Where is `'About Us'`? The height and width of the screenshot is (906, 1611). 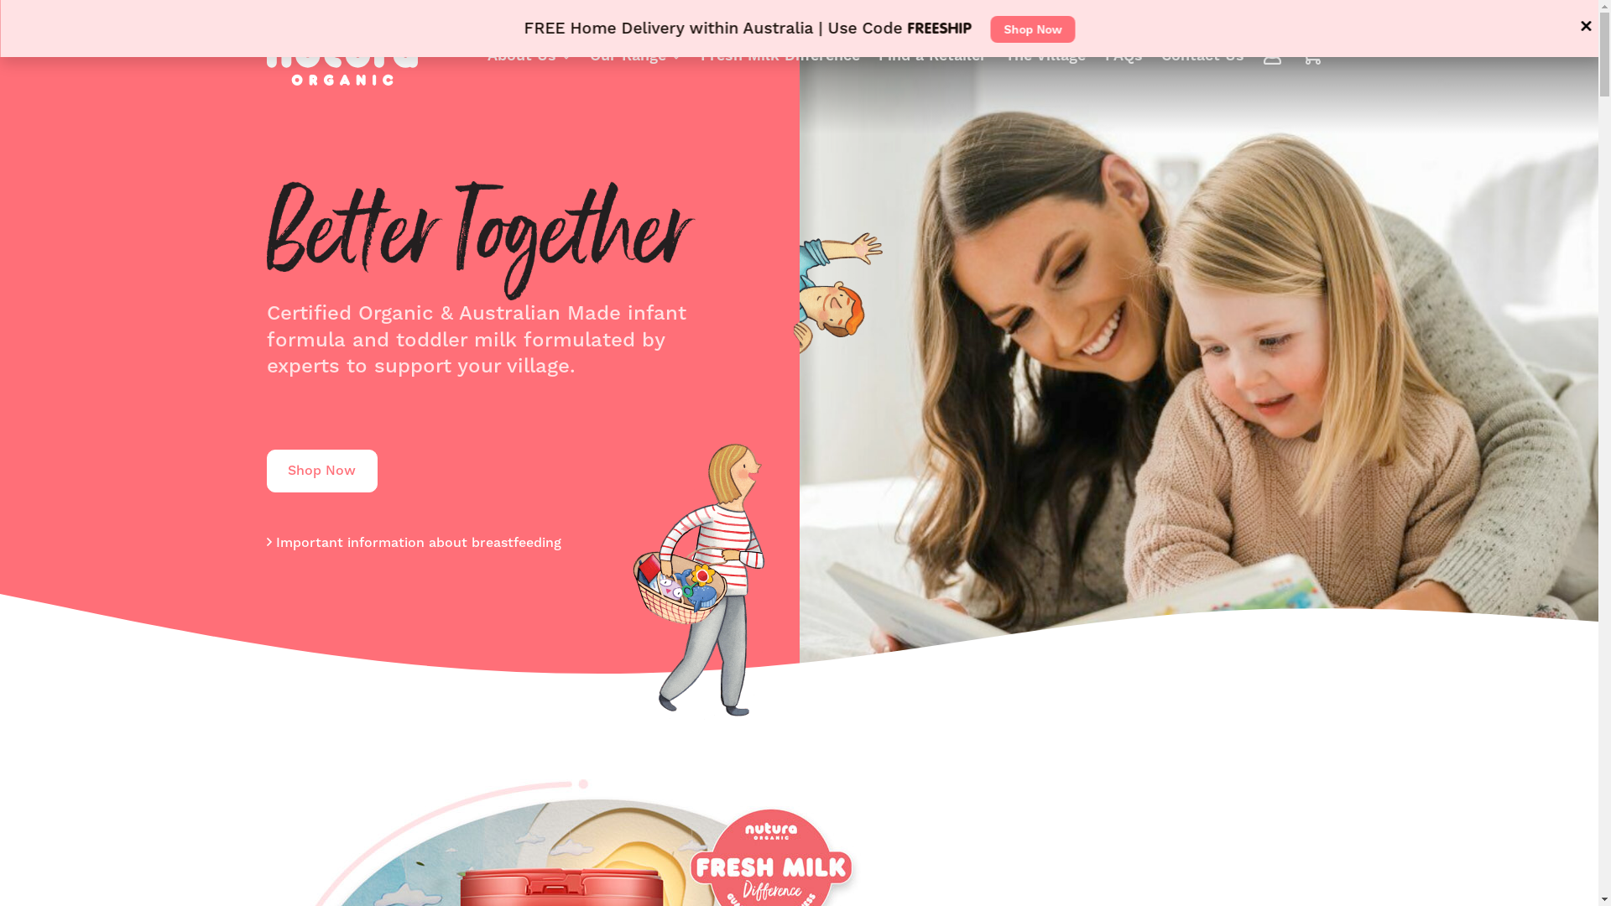
'About Us' is located at coordinates (528, 54).